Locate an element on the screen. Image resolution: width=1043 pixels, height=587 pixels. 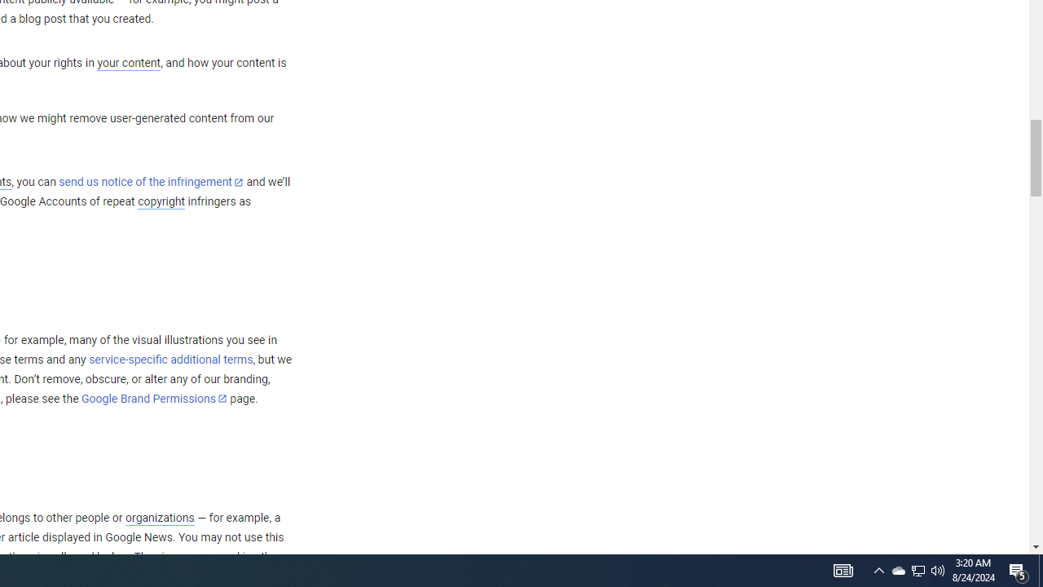
'send us notice of the infringement' is located at coordinates (151, 183).